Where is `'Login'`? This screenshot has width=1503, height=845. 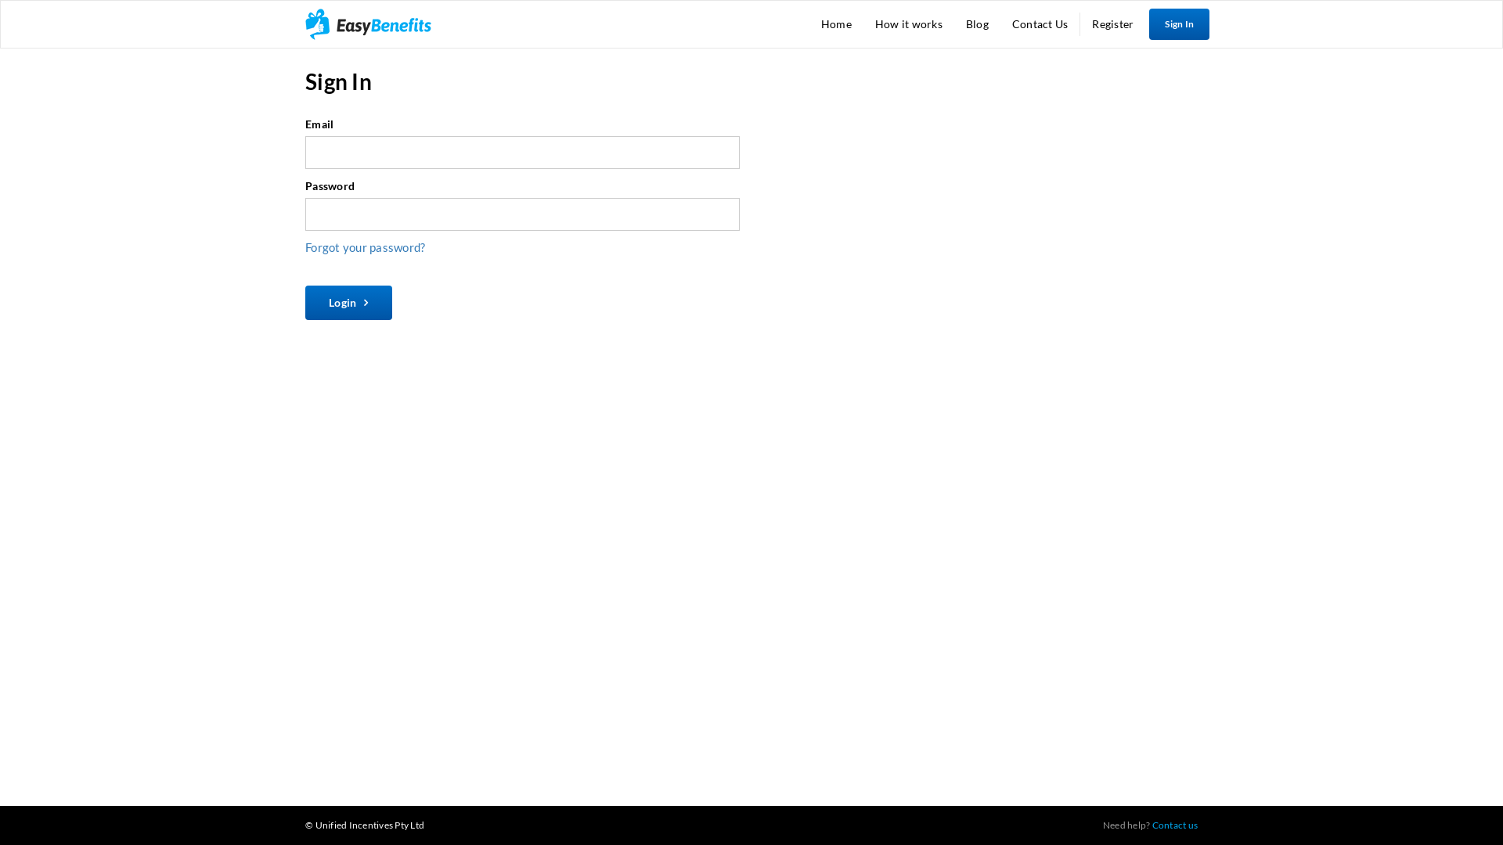
'Login' is located at coordinates (348, 302).